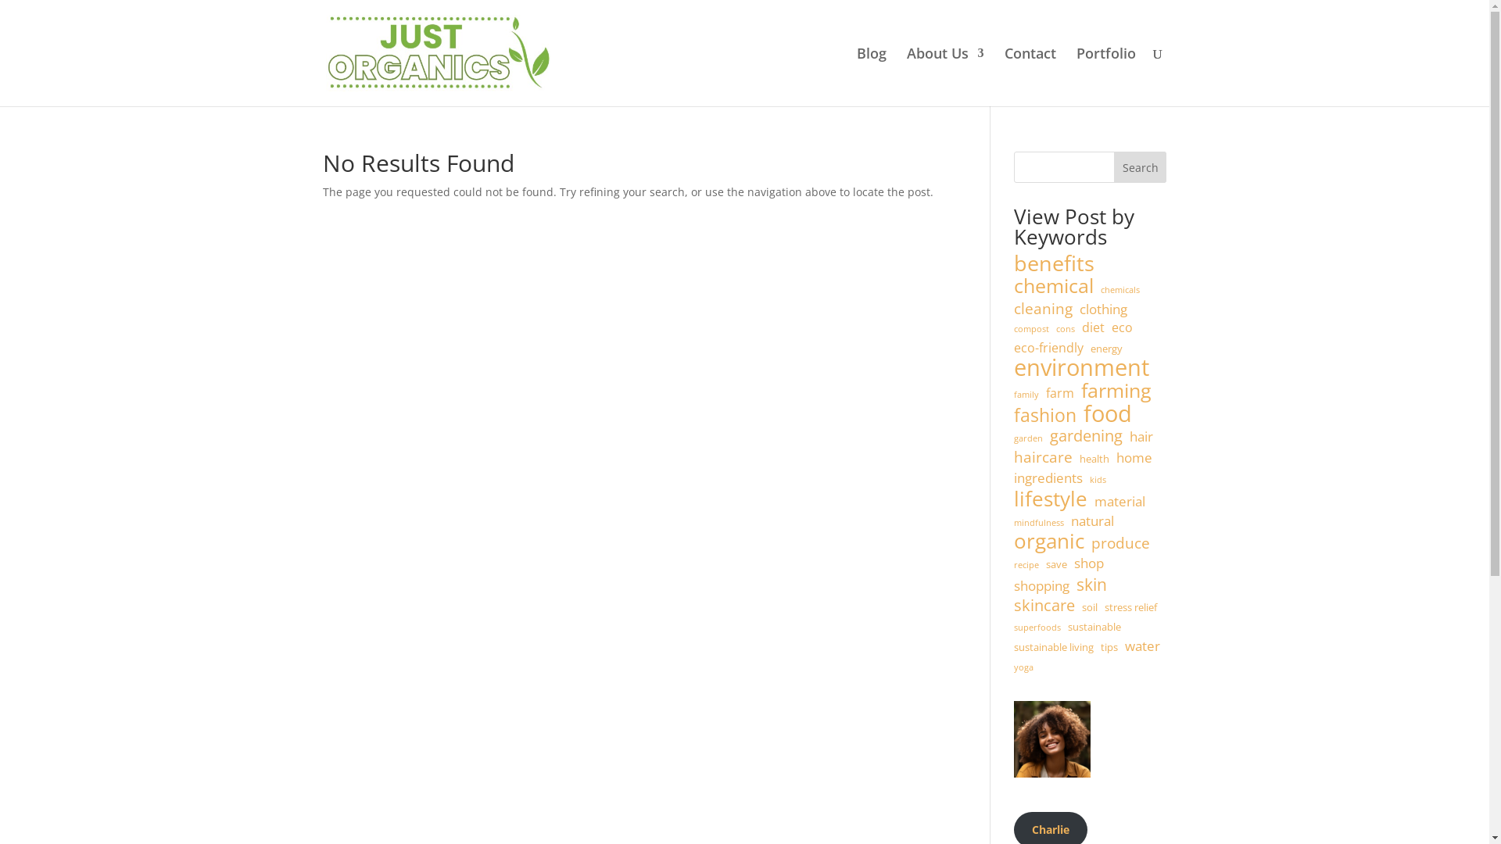  What do you see at coordinates (1054, 648) in the screenshot?
I see `'sustainable living'` at bounding box center [1054, 648].